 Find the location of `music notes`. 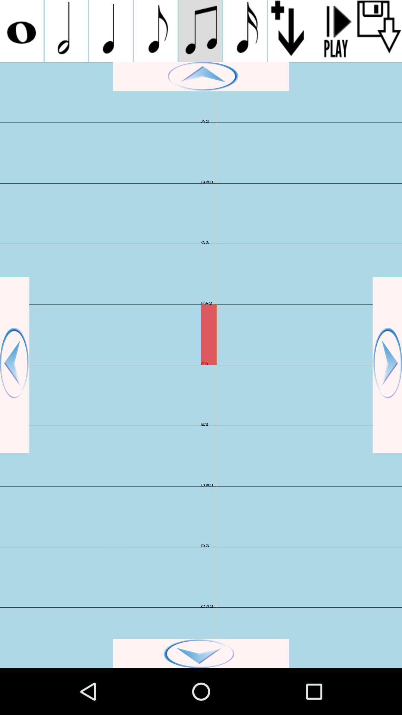

music notes is located at coordinates (245, 31).